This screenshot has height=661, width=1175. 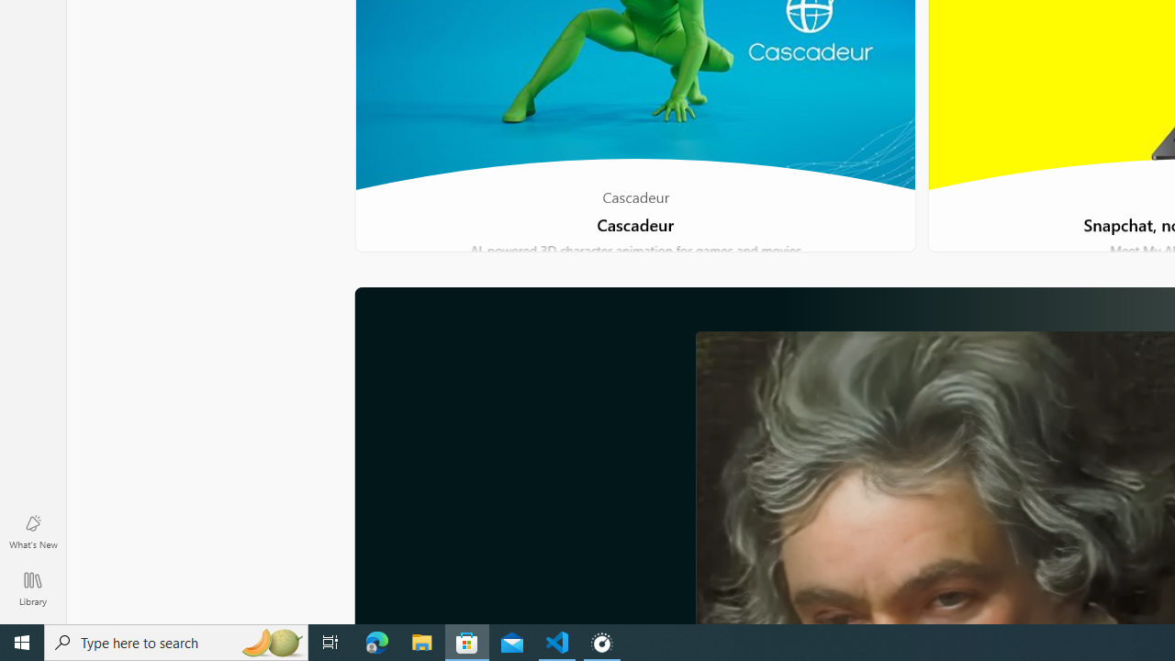 What do you see at coordinates (32, 588) in the screenshot?
I see `'Library'` at bounding box center [32, 588].